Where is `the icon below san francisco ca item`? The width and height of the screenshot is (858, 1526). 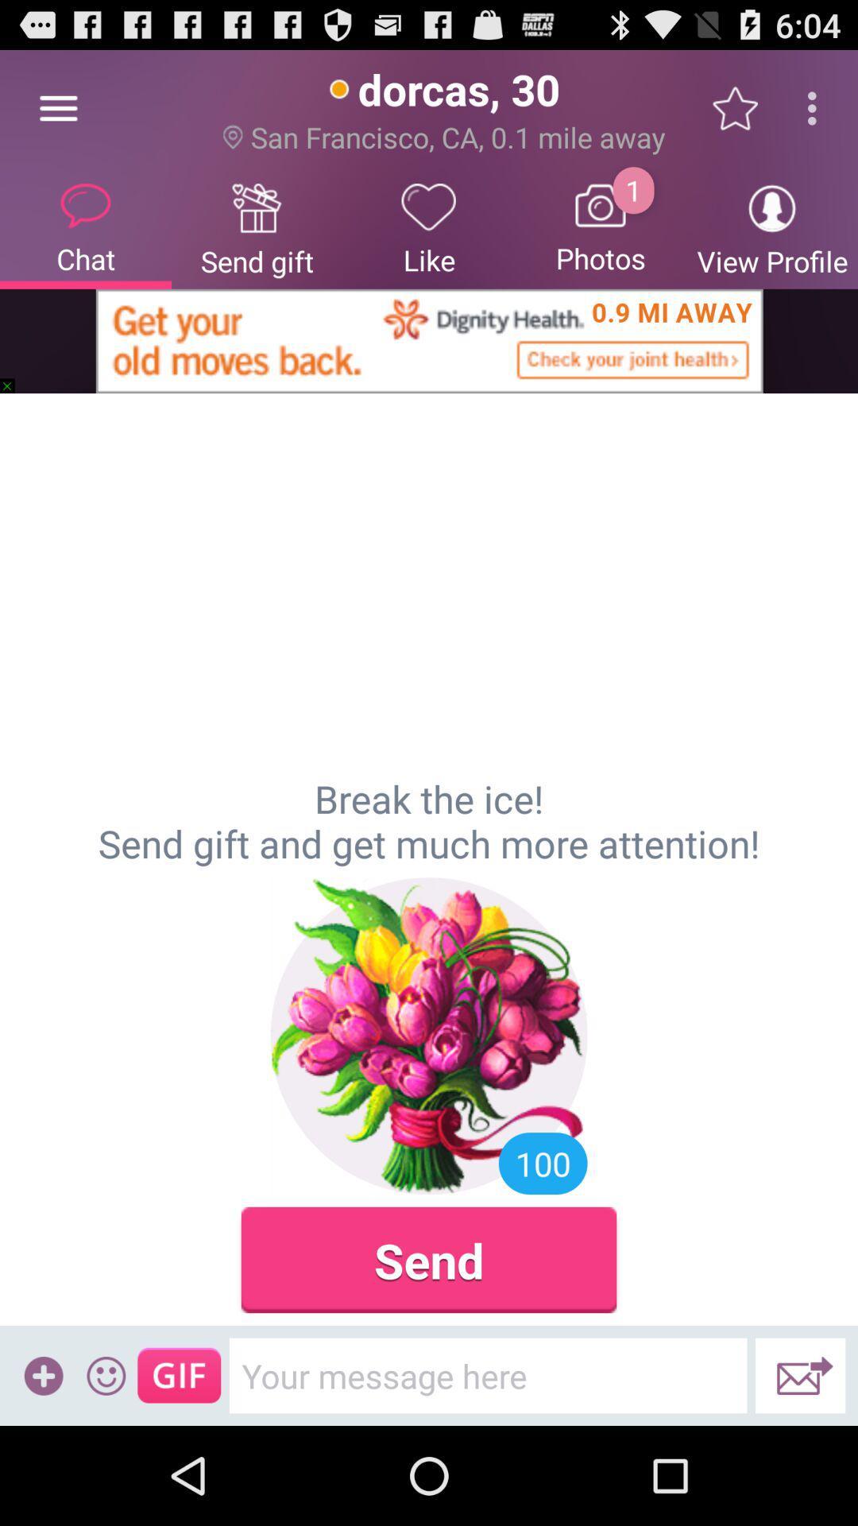 the icon below san francisco ca item is located at coordinates (601, 227).